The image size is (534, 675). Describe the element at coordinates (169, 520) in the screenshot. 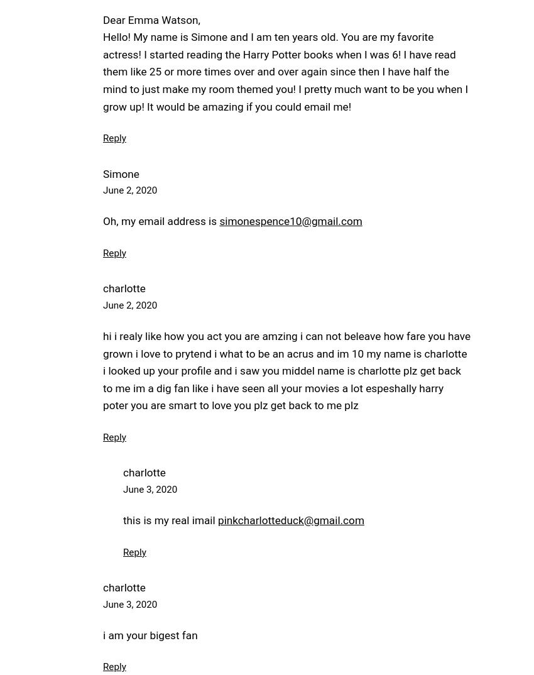

I see `'this is my real imail'` at that location.